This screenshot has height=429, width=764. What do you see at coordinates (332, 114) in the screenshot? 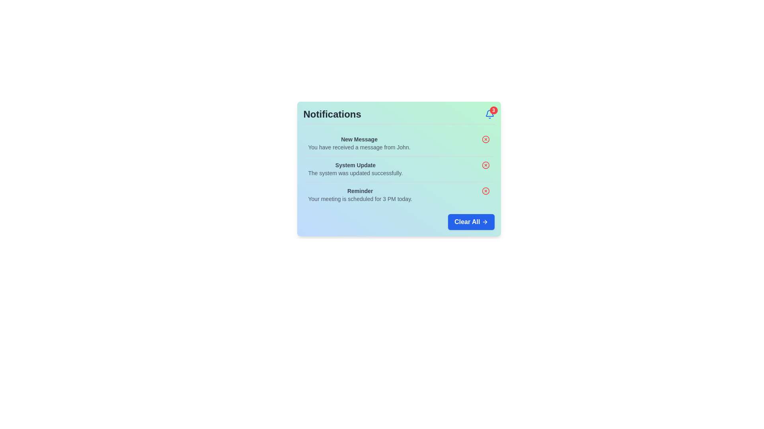
I see `the 'Notifications' text label, which is a bold, dark gray title located at the top-left edge of the notification panel` at bounding box center [332, 114].